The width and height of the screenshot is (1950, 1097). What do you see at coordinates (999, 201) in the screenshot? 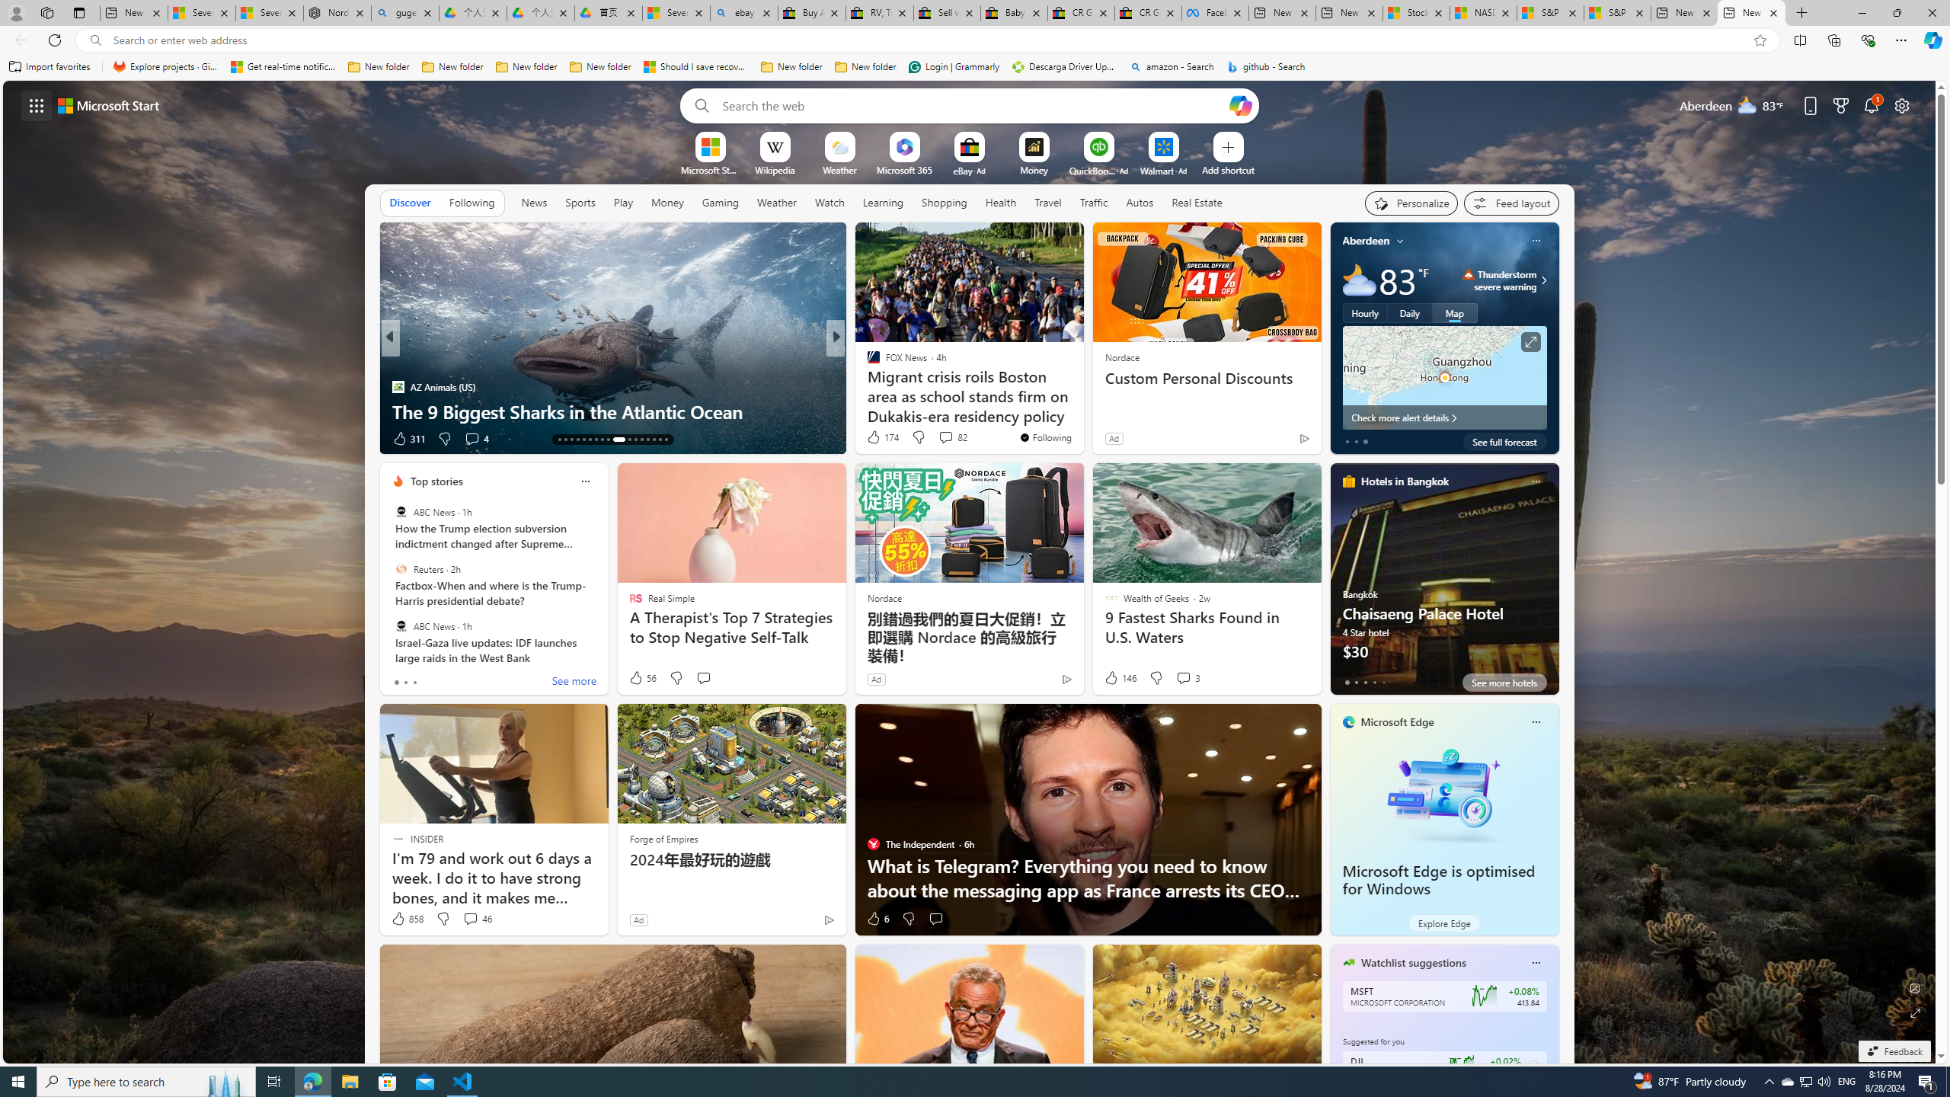
I see `'Health'` at bounding box center [999, 201].